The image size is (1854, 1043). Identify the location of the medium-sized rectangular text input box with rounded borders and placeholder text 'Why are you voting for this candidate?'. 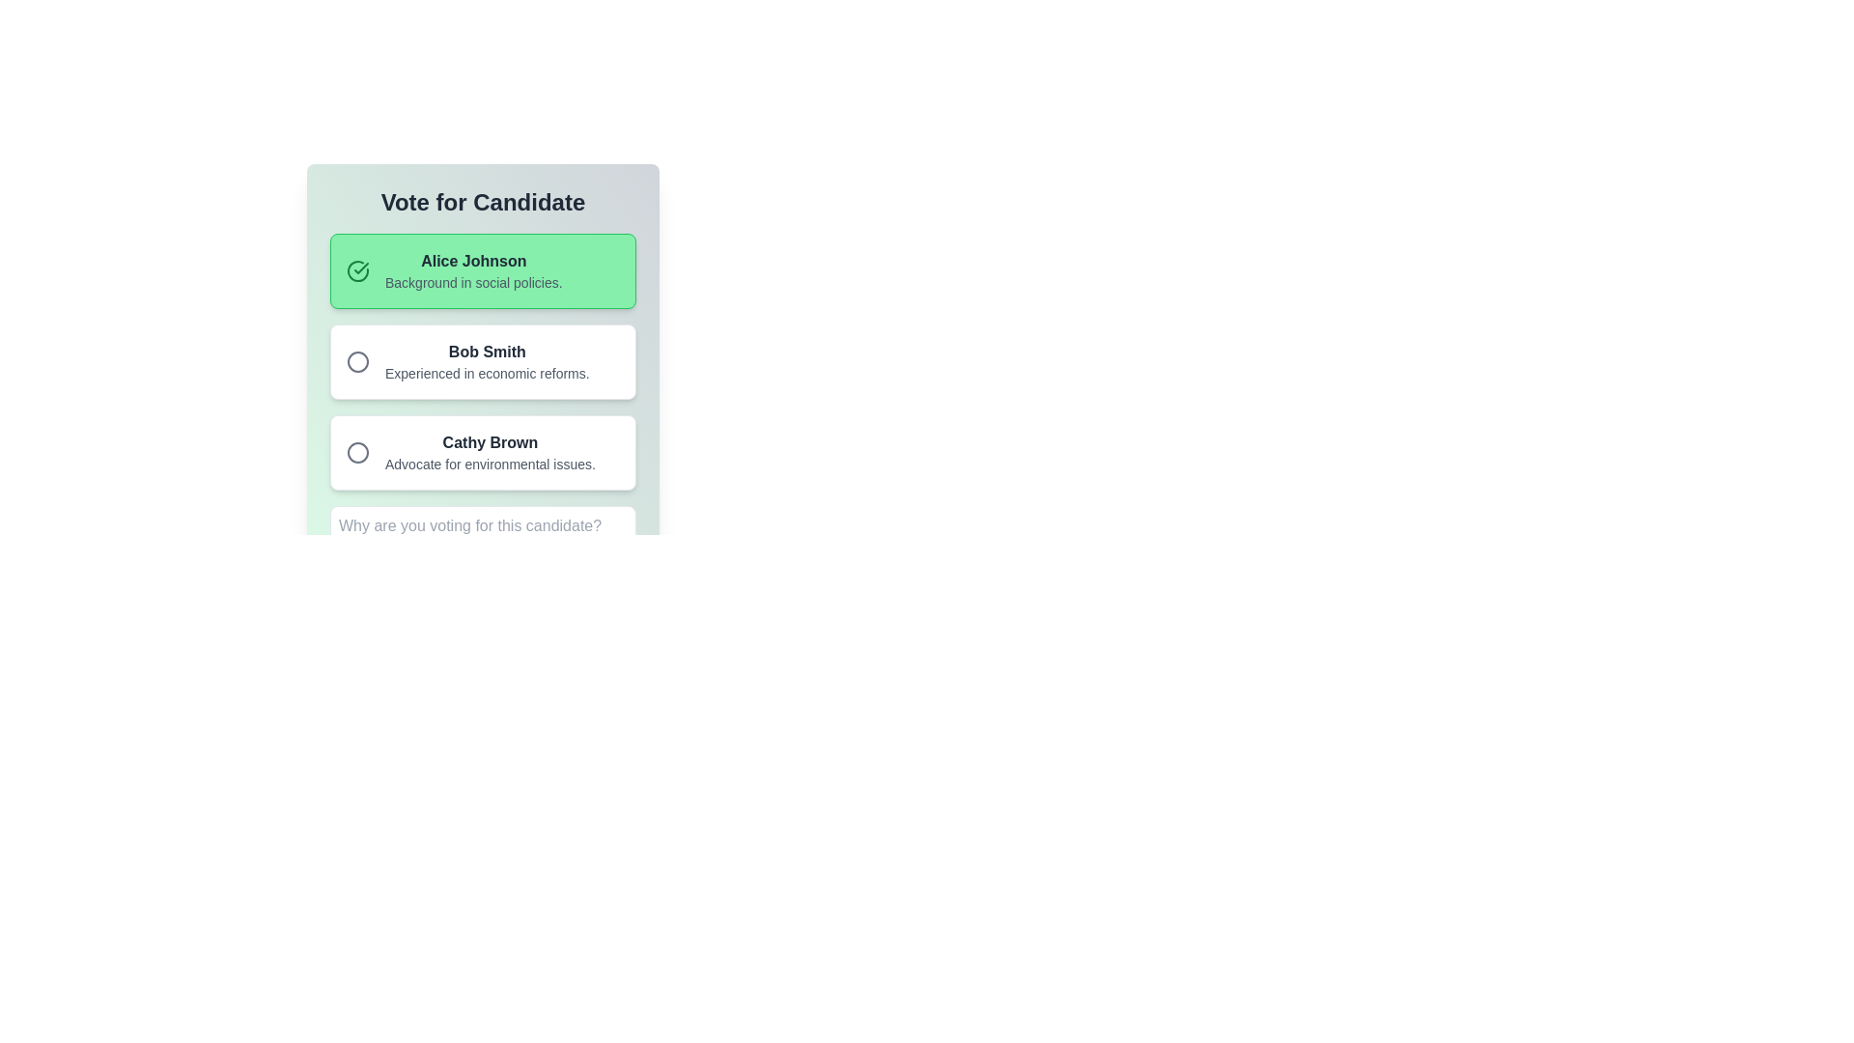
(483, 537).